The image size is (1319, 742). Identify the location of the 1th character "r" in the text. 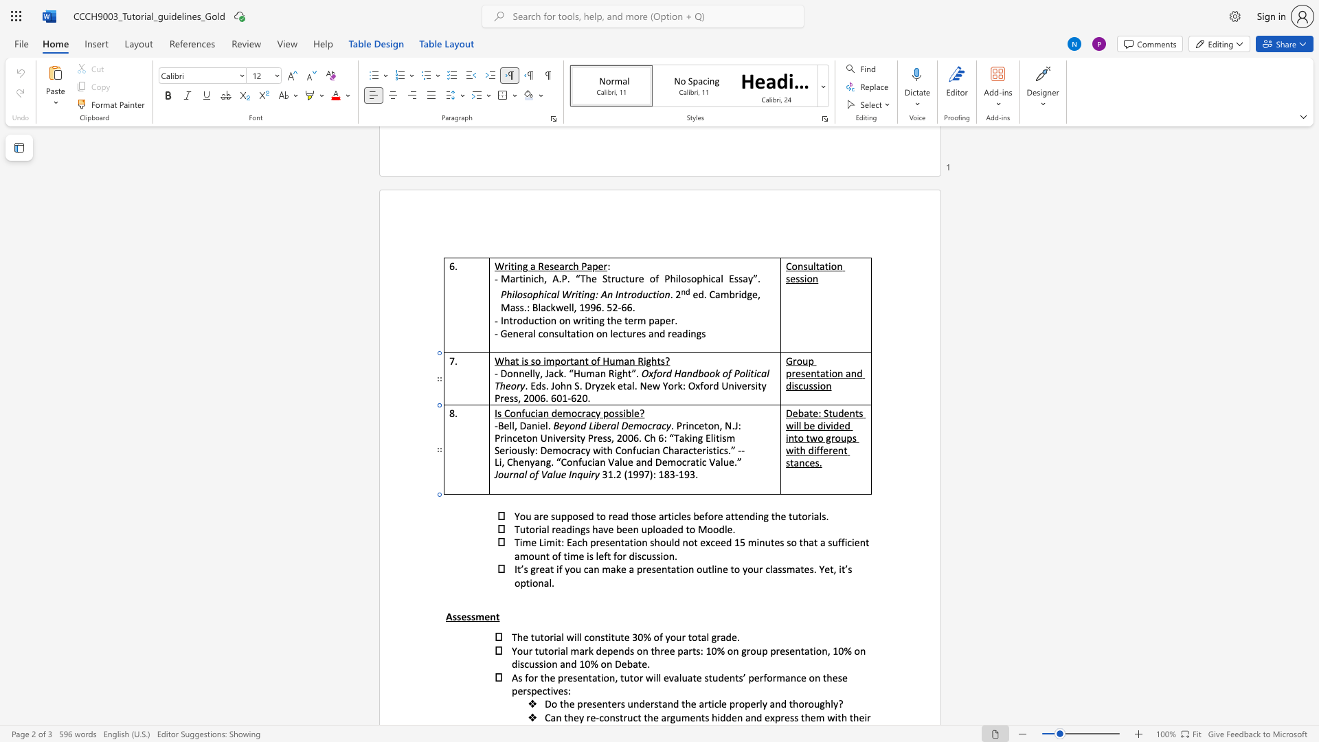
(832, 438).